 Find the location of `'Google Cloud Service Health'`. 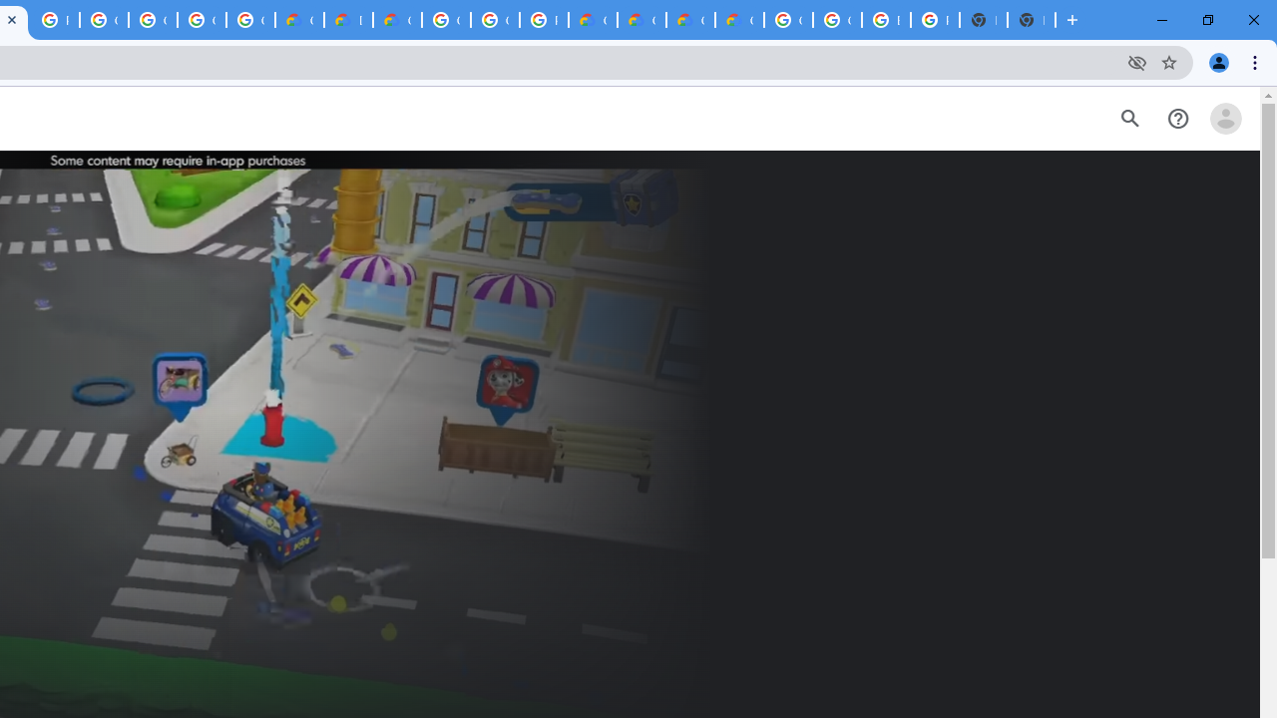

'Google Cloud Service Health' is located at coordinates (738, 20).